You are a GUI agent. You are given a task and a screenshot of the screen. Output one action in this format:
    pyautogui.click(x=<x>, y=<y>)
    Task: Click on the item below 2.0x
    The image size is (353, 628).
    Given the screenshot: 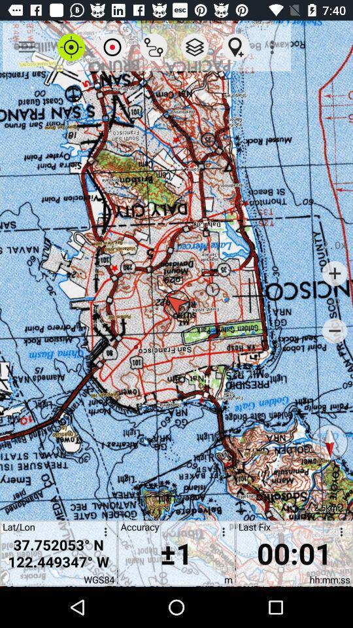 What is the action you would take?
    pyautogui.click(x=335, y=273)
    